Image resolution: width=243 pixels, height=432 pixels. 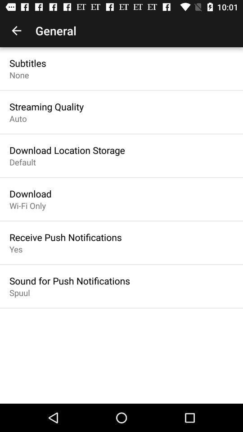 I want to click on icon below the none icon, so click(x=46, y=107).